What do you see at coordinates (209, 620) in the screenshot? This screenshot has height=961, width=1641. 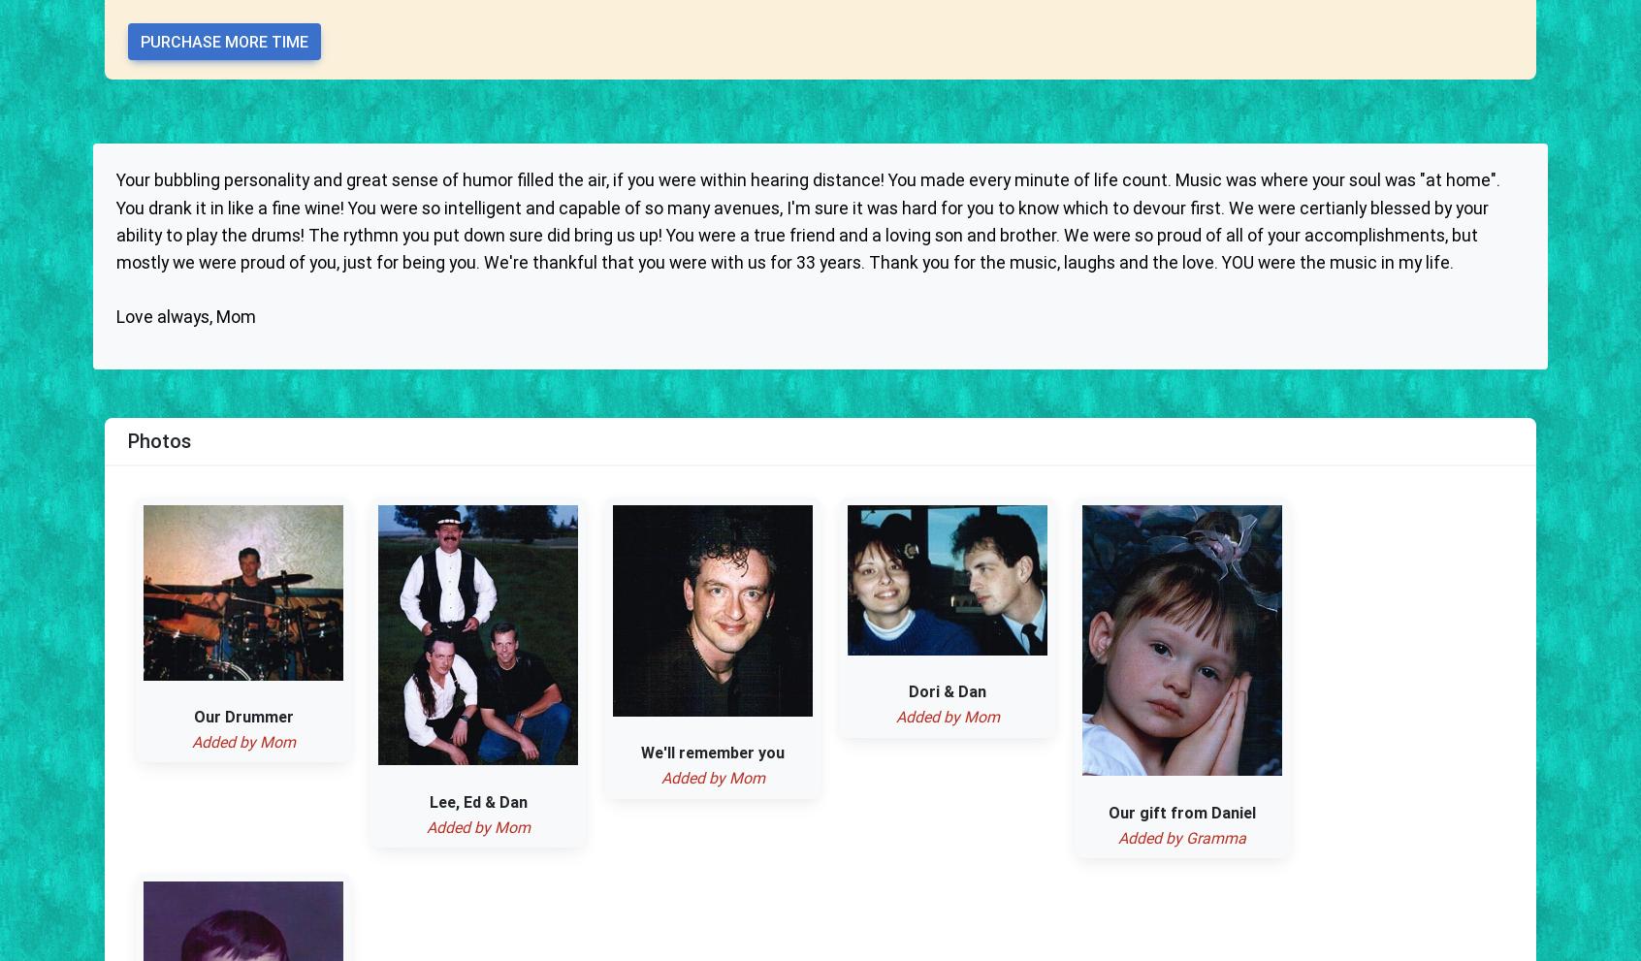 I see `'Toll Free in U.S. & Canada:'` at bounding box center [209, 620].